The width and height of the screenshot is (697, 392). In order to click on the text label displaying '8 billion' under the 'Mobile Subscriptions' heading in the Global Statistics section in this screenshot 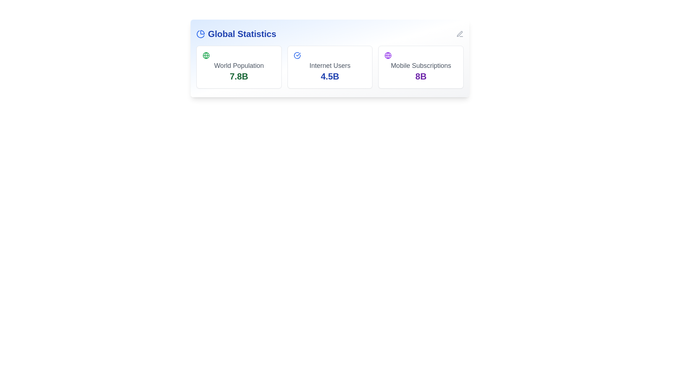, I will do `click(421, 77)`.